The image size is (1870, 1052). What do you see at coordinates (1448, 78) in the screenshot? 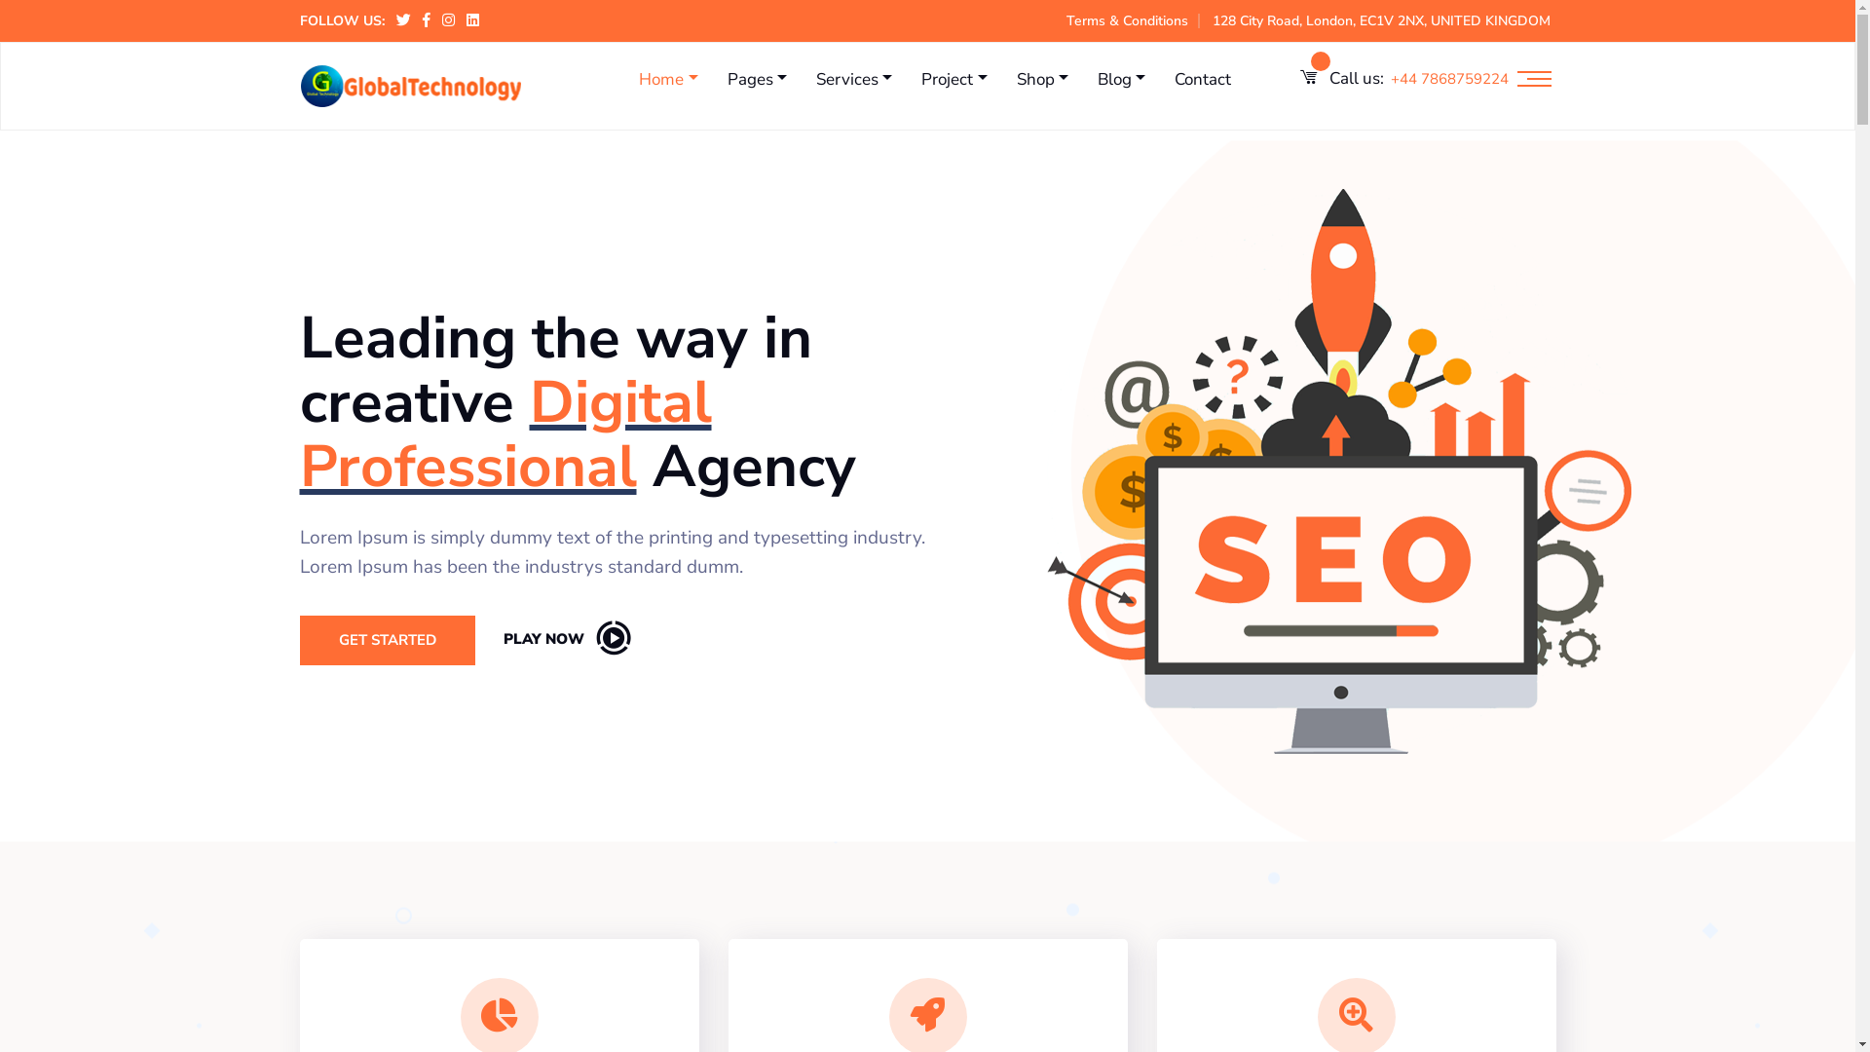
I see `'+44 7868759224'` at bounding box center [1448, 78].